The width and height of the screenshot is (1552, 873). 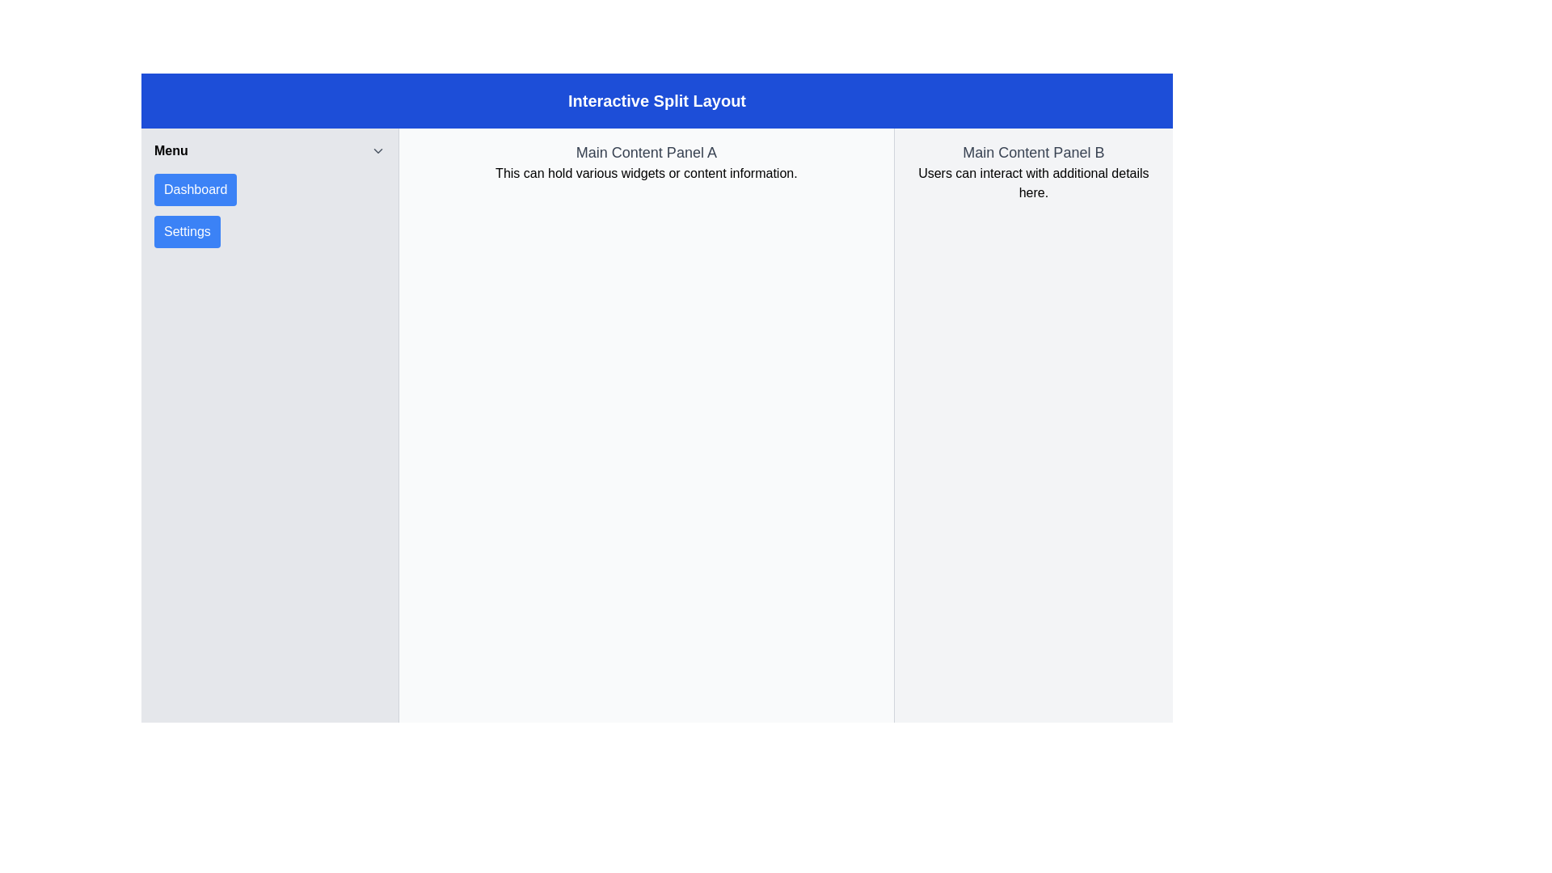 What do you see at coordinates (171, 150) in the screenshot?
I see `the 'Menu' text label located at the top of the sidebar, which displays the word 'Menu' in bold font style, contrasting black text on a light background` at bounding box center [171, 150].